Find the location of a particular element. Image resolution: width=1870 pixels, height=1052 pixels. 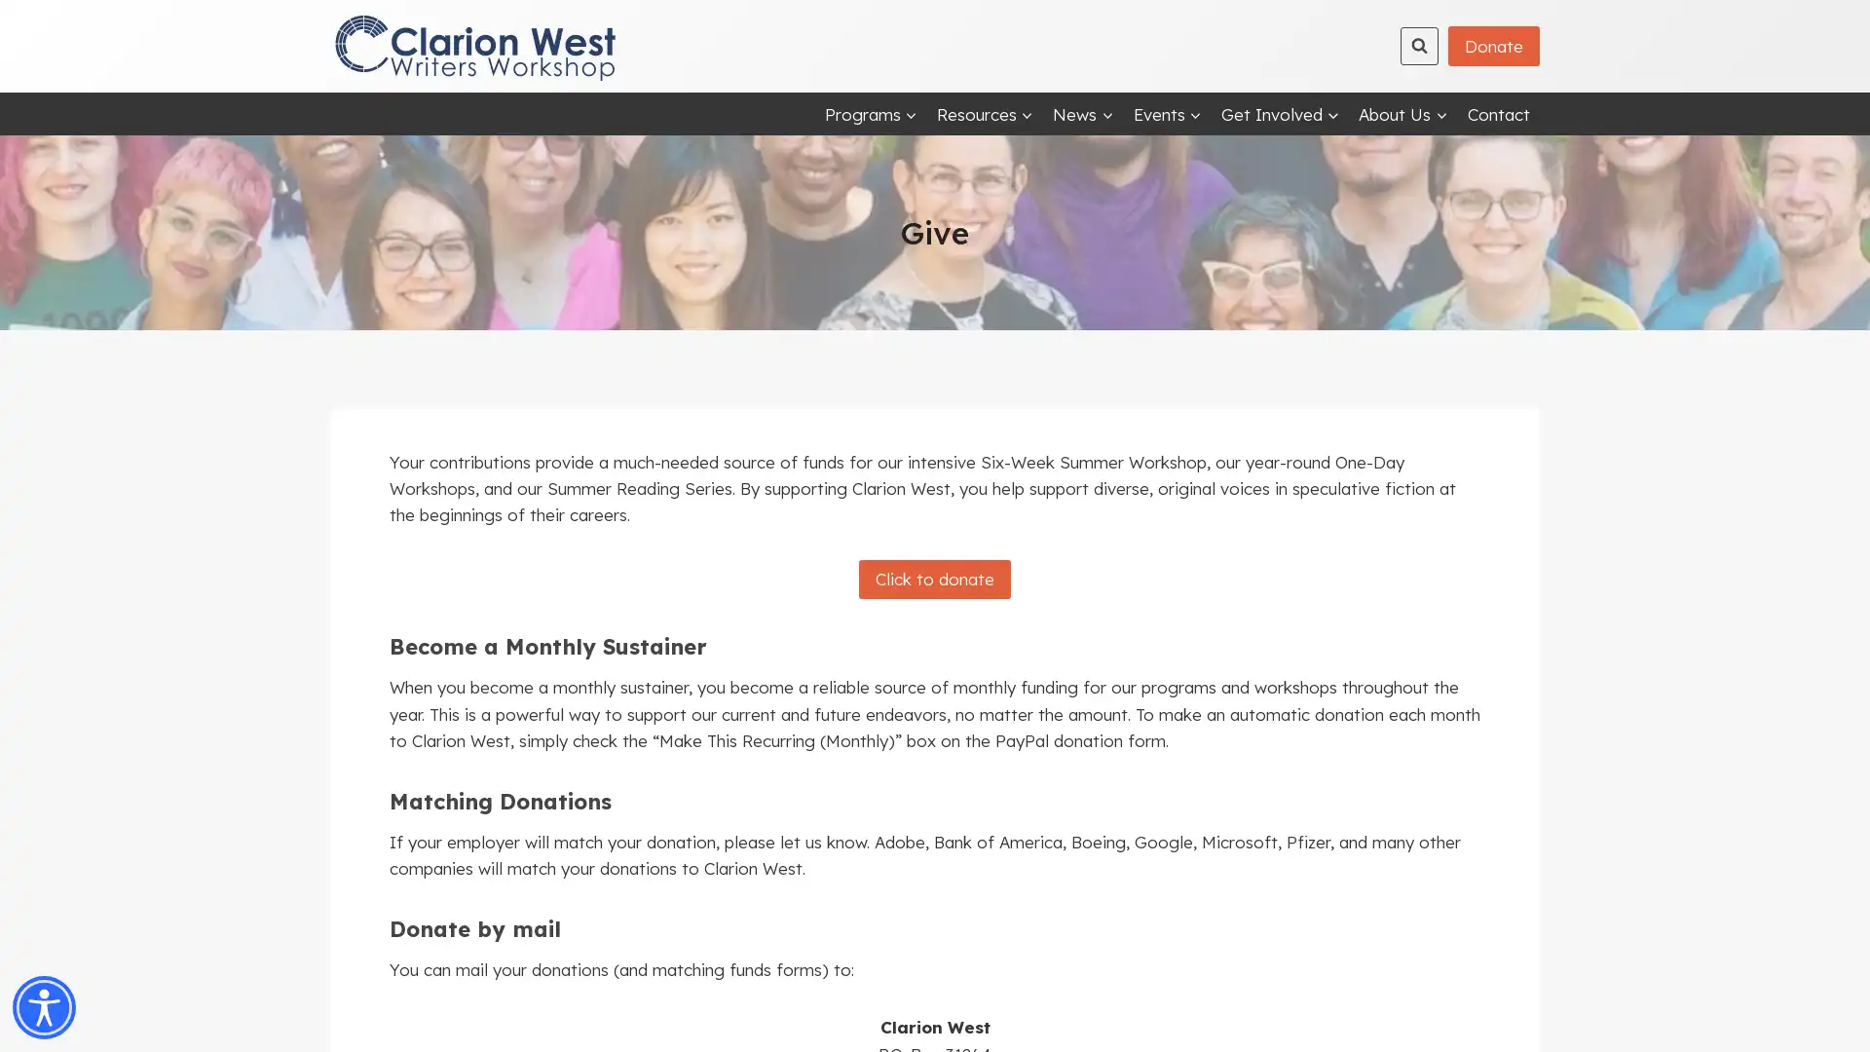

Expand child menu is located at coordinates (985, 113).